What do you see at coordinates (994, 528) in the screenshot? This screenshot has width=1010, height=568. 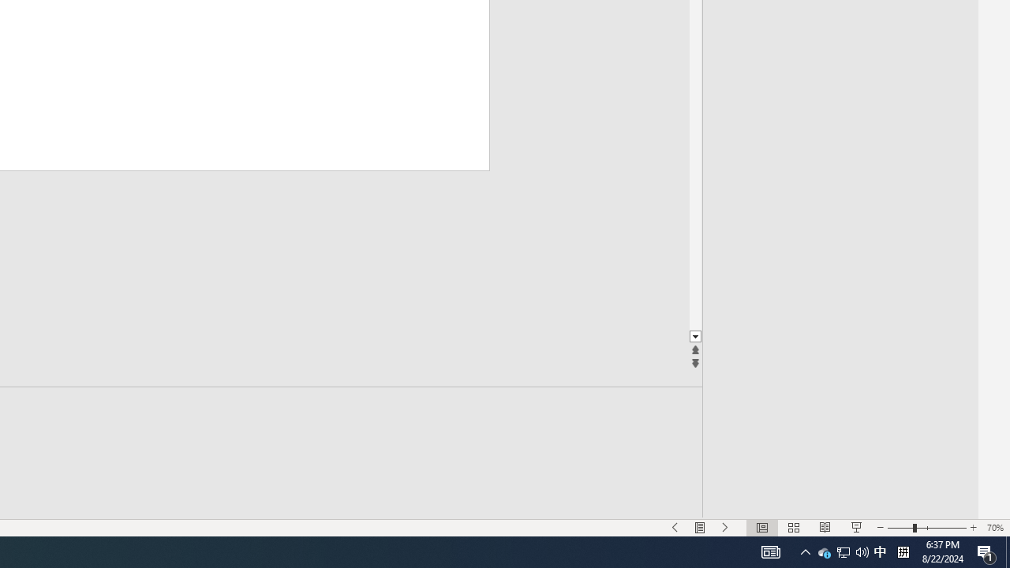 I see `'Zoom 70%'` at bounding box center [994, 528].